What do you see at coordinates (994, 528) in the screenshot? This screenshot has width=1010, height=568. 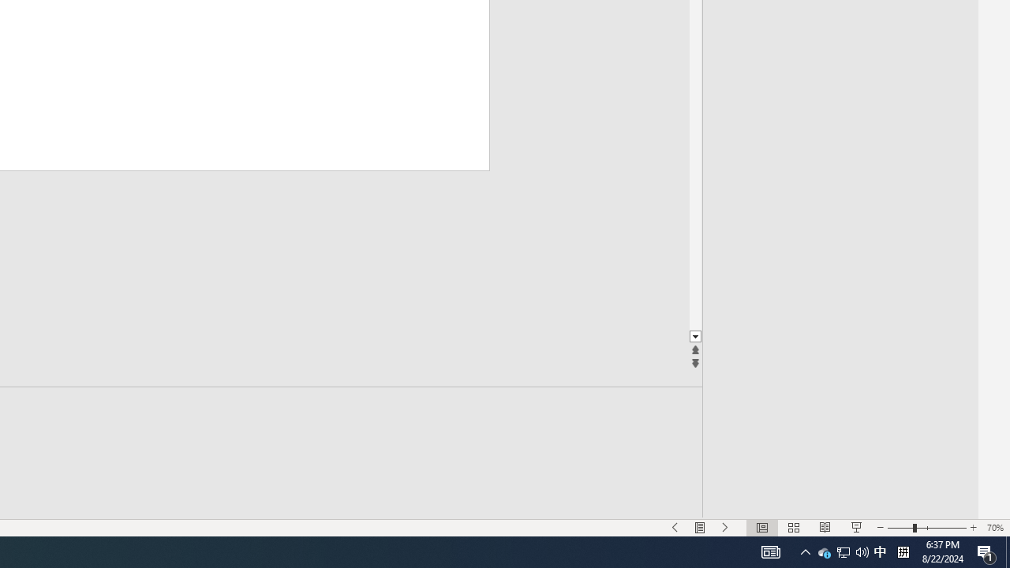 I see `'Zoom 70%'` at bounding box center [994, 528].